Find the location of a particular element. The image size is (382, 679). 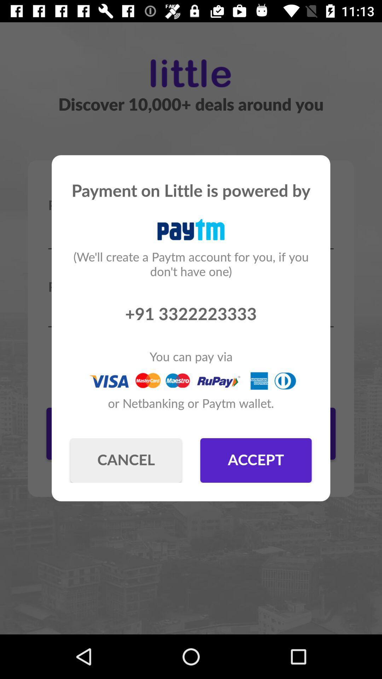

the icon below the or netbanking or app is located at coordinates (126, 460).